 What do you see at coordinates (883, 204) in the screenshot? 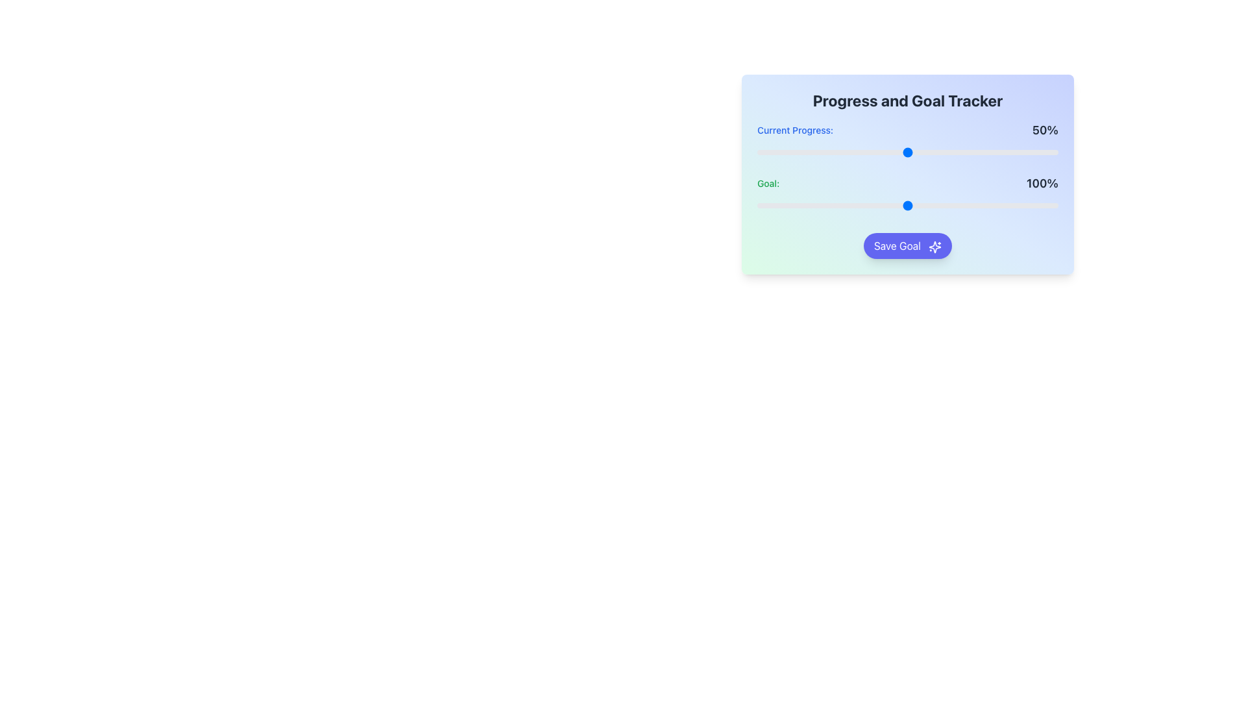
I see `the slider value` at bounding box center [883, 204].